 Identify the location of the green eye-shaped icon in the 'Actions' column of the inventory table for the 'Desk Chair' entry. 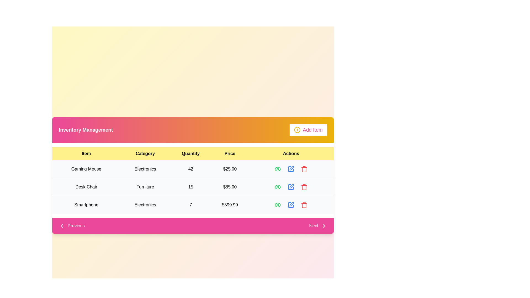
(278, 187).